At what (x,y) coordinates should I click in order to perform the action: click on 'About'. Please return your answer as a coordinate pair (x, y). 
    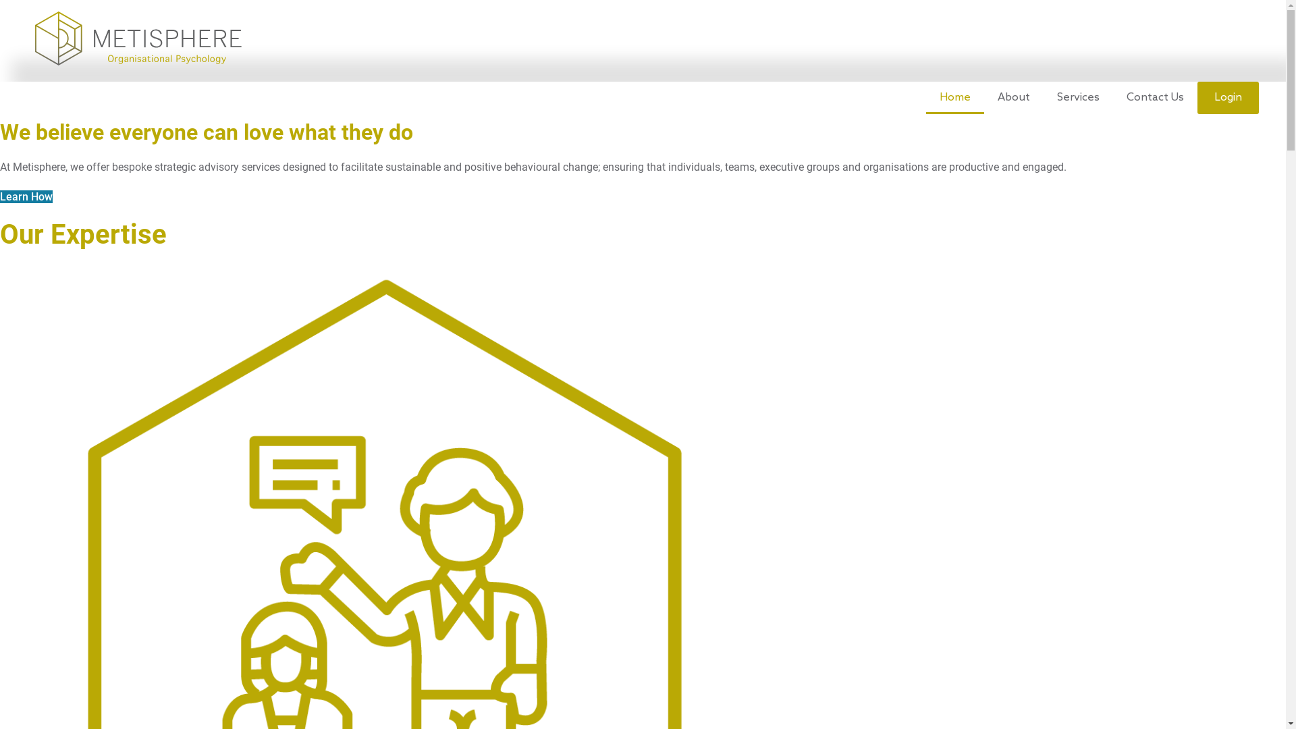
    Looking at the image, I should click on (1014, 97).